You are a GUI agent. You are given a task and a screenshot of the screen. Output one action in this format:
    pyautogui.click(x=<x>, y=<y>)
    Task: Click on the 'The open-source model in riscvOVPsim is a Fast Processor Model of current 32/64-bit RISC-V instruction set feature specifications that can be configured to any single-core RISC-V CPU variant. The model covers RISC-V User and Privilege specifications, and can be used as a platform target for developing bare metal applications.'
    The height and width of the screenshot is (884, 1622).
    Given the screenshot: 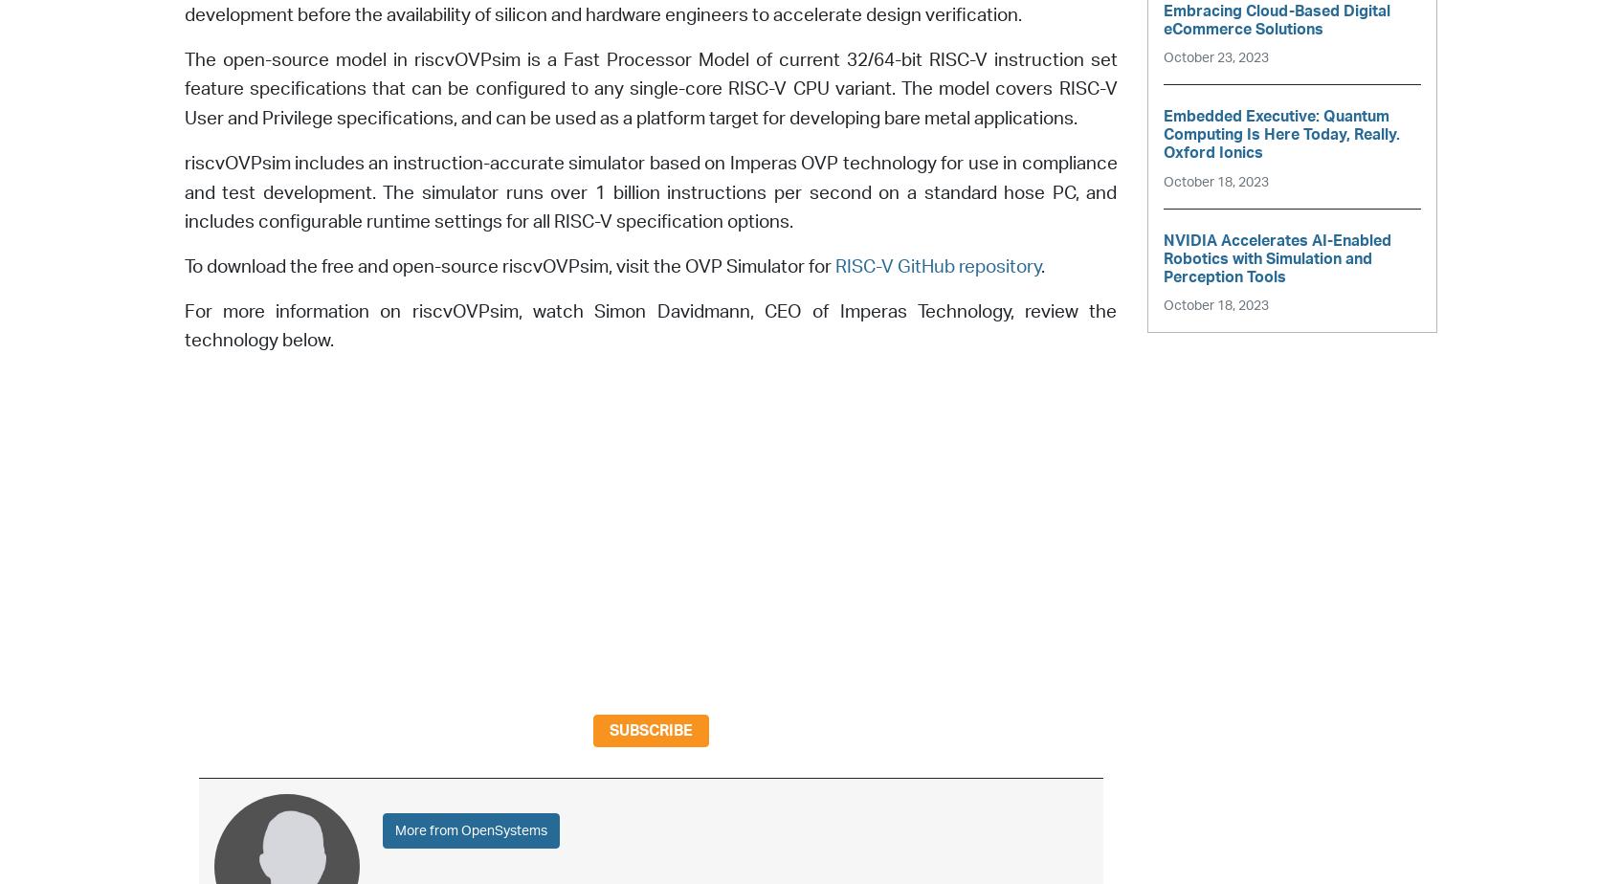 What is the action you would take?
    pyautogui.click(x=650, y=89)
    